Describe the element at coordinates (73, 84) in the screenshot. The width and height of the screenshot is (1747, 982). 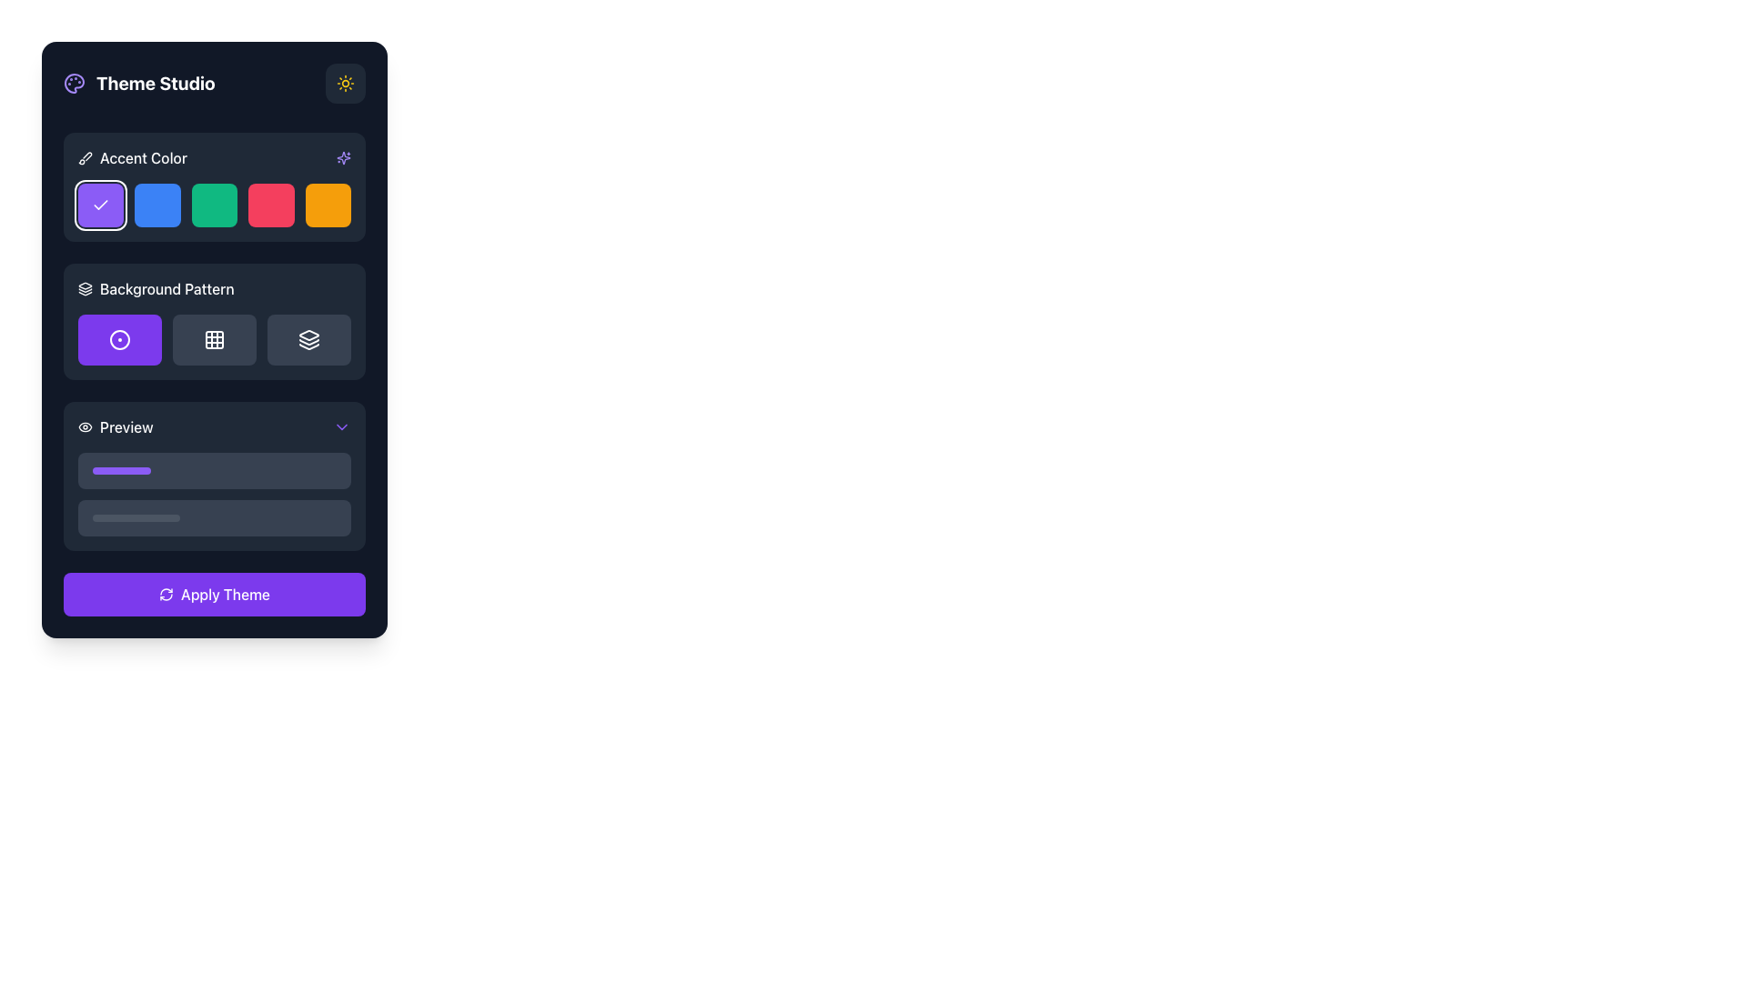
I see `the main body of the painter's palette icon, which is styled with a violet hue and located in the toolbar section of the Theme Studio interface` at that location.